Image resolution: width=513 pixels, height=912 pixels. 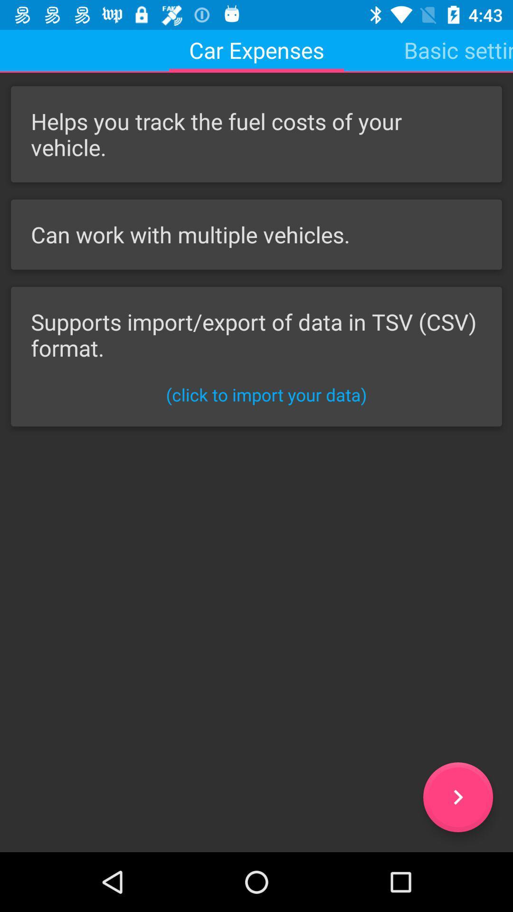 What do you see at coordinates (458, 49) in the screenshot?
I see `the basic settings icon` at bounding box center [458, 49].